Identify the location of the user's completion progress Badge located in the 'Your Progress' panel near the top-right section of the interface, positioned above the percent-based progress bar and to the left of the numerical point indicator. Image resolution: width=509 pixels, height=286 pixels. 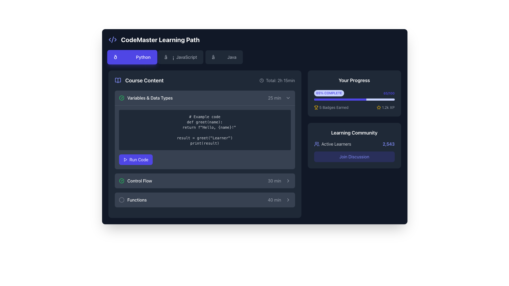
(329, 93).